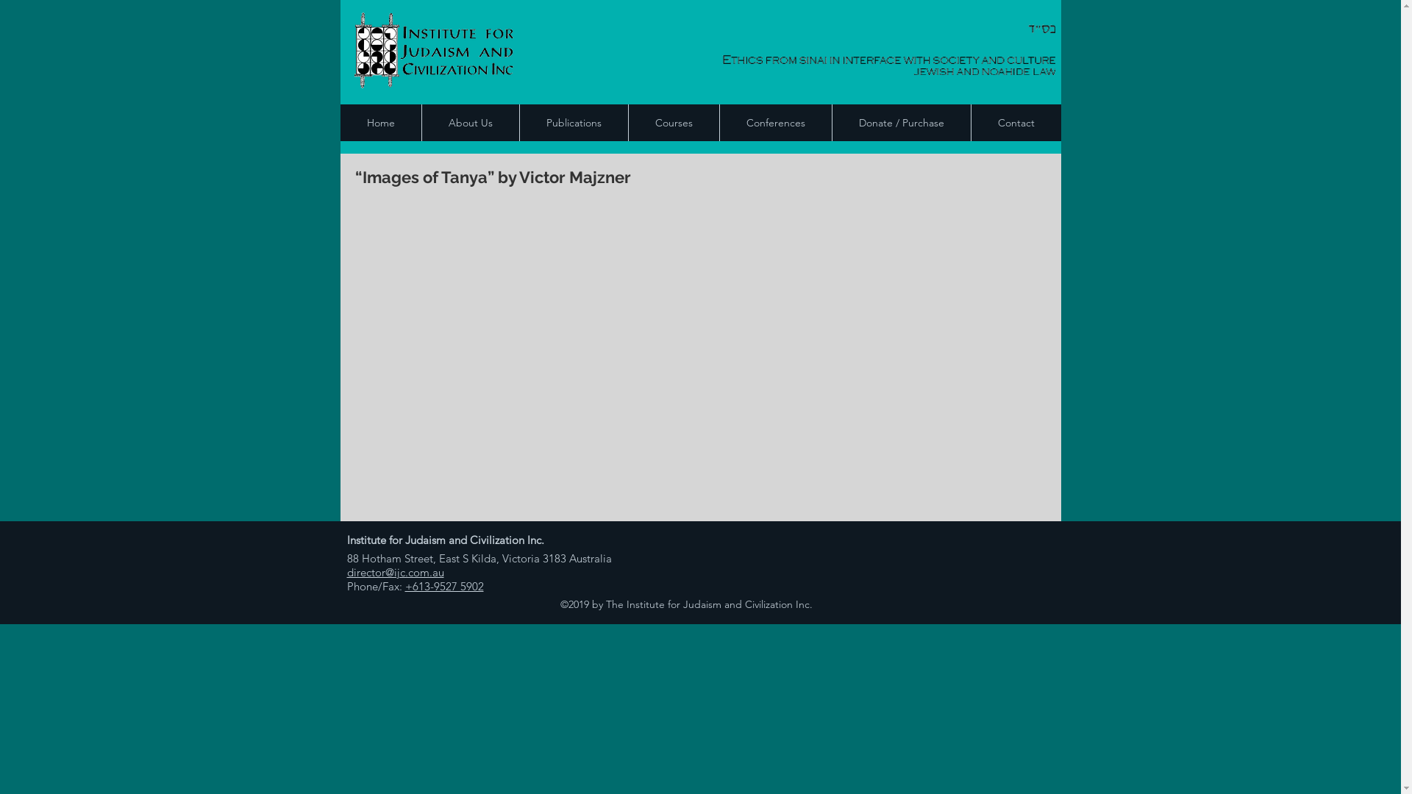  Describe the element at coordinates (468, 121) in the screenshot. I see `'About Us'` at that location.